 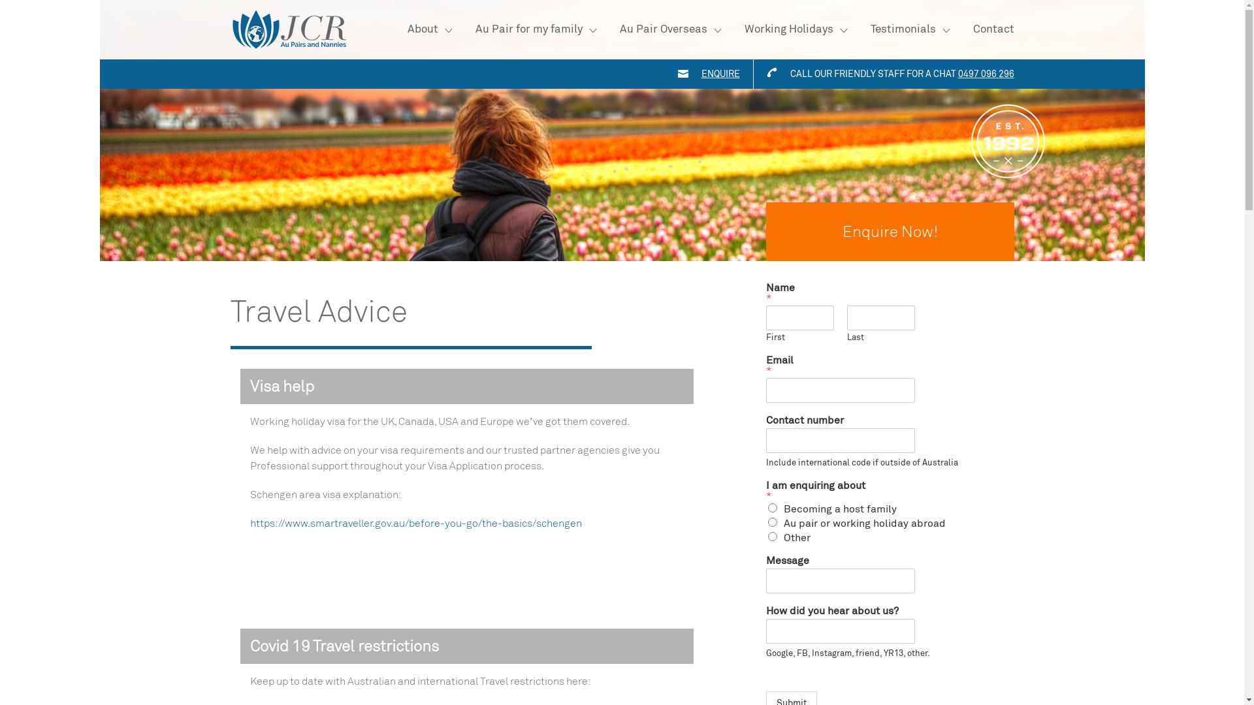 What do you see at coordinates (701, 74) in the screenshot?
I see `'ENQUIRE'` at bounding box center [701, 74].